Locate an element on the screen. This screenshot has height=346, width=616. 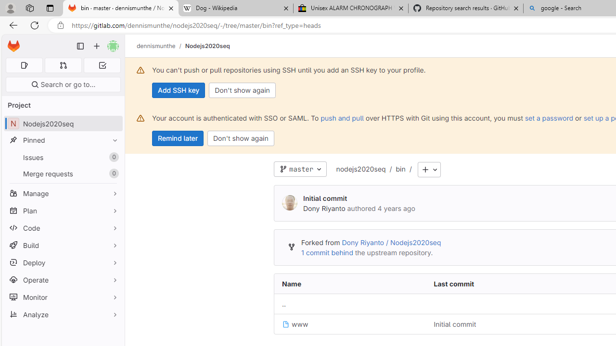
'Operate' is located at coordinates (63, 280).